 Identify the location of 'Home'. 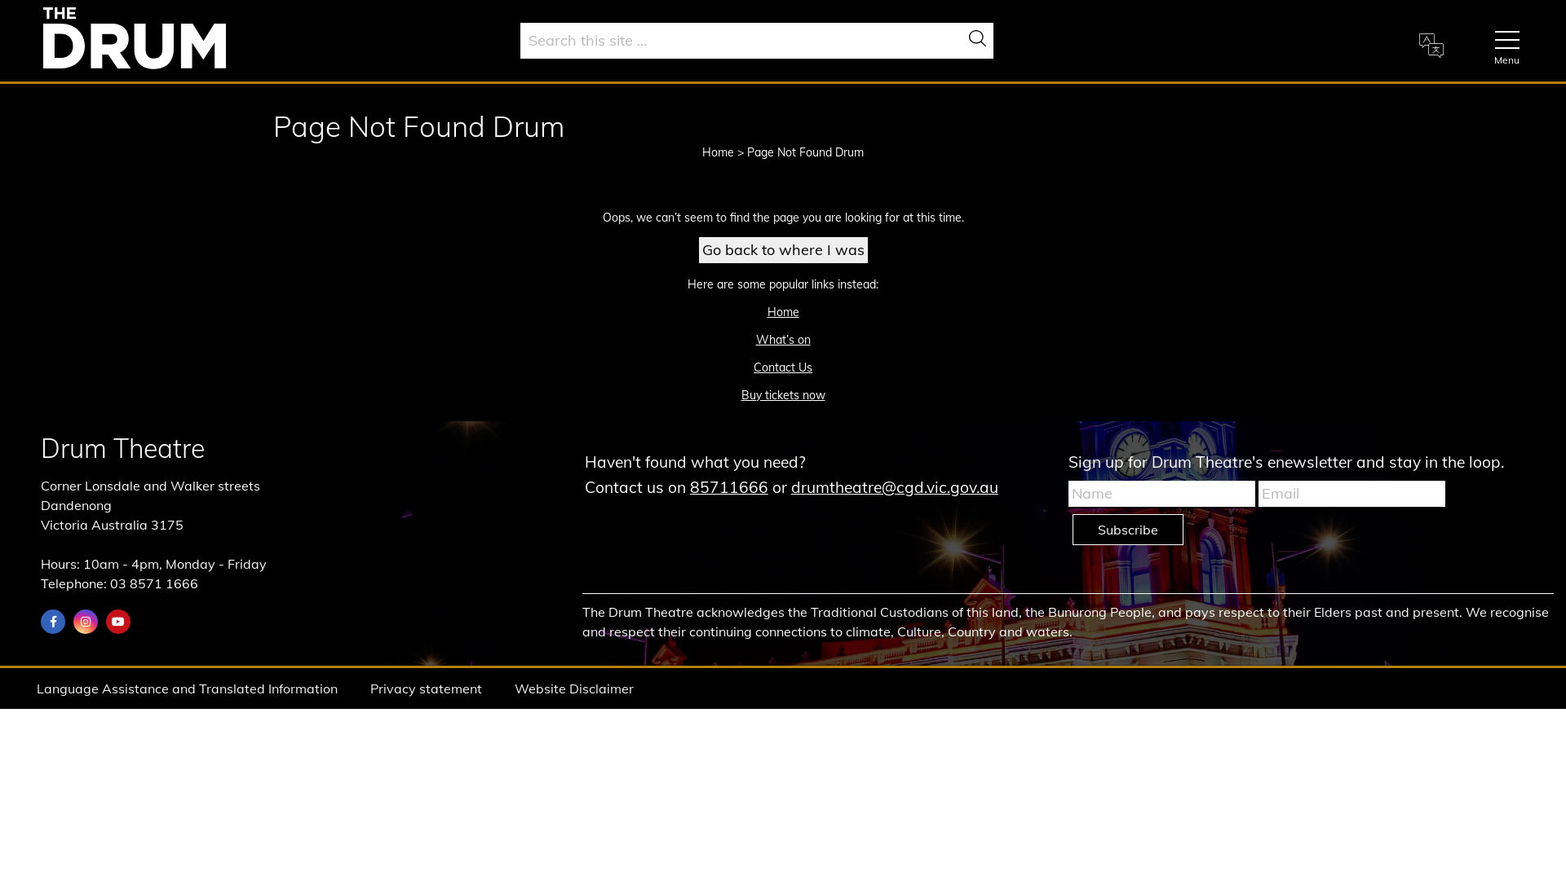
(40, 37).